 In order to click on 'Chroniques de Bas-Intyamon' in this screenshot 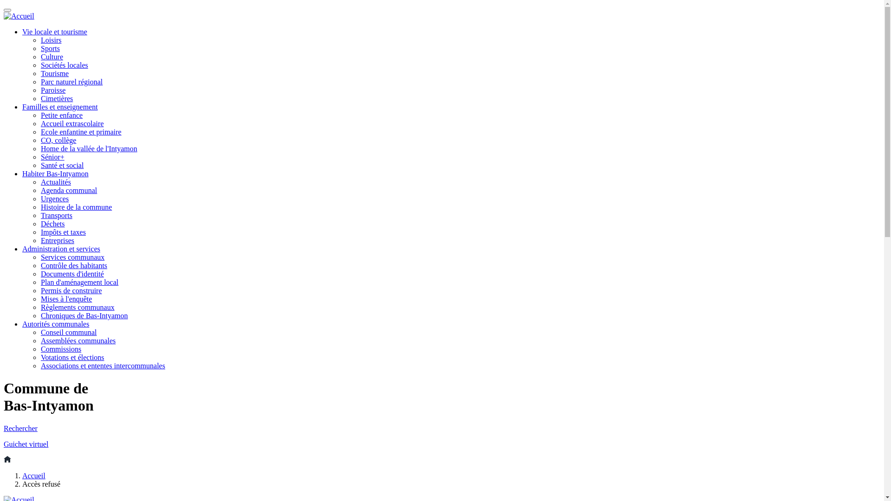, I will do `click(84, 315)`.